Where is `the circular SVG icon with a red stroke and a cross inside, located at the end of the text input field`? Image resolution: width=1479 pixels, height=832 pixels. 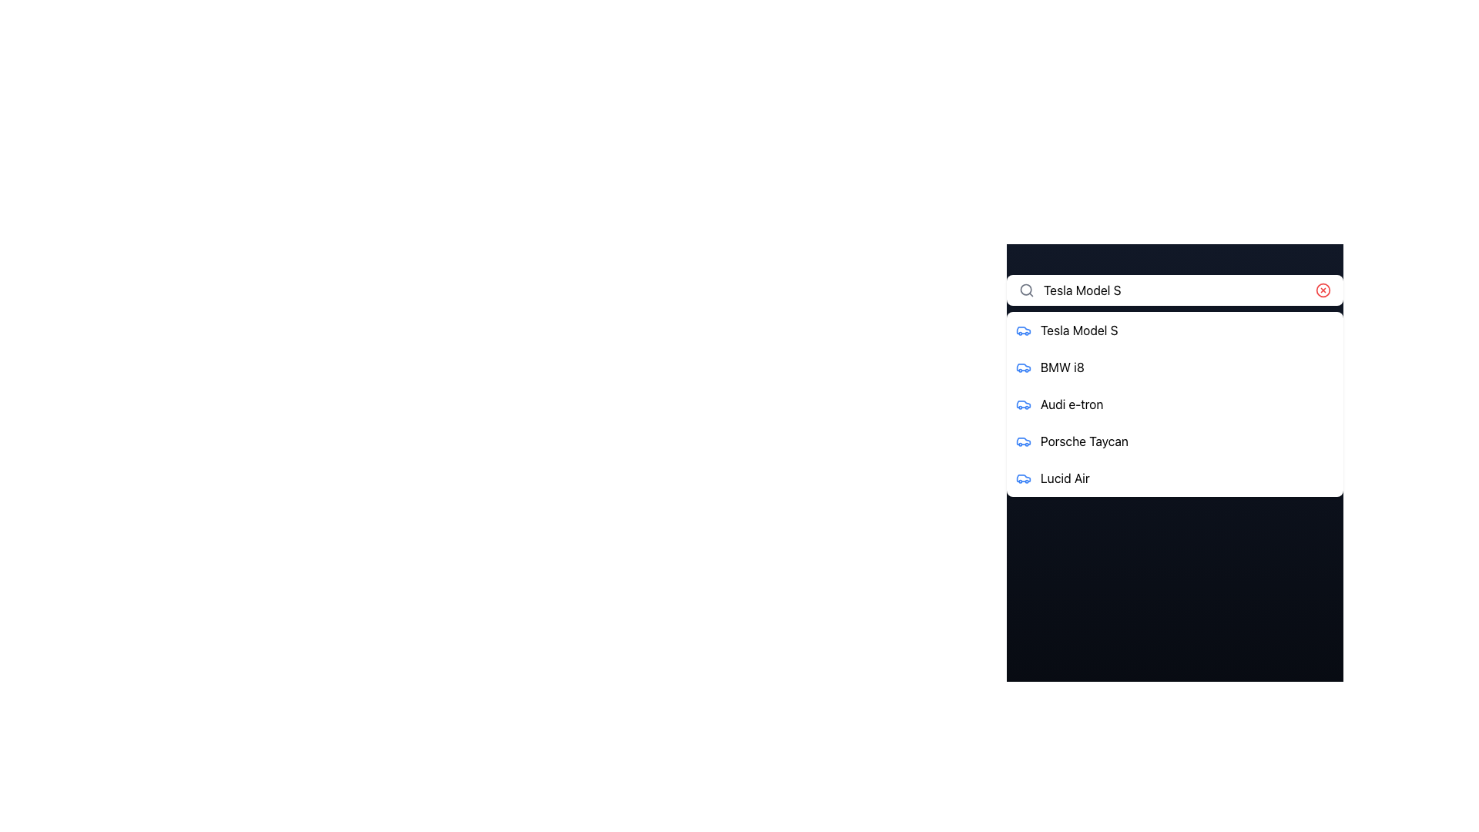 the circular SVG icon with a red stroke and a cross inside, located at the end of the text input field is located at coordinates (1323, 290).